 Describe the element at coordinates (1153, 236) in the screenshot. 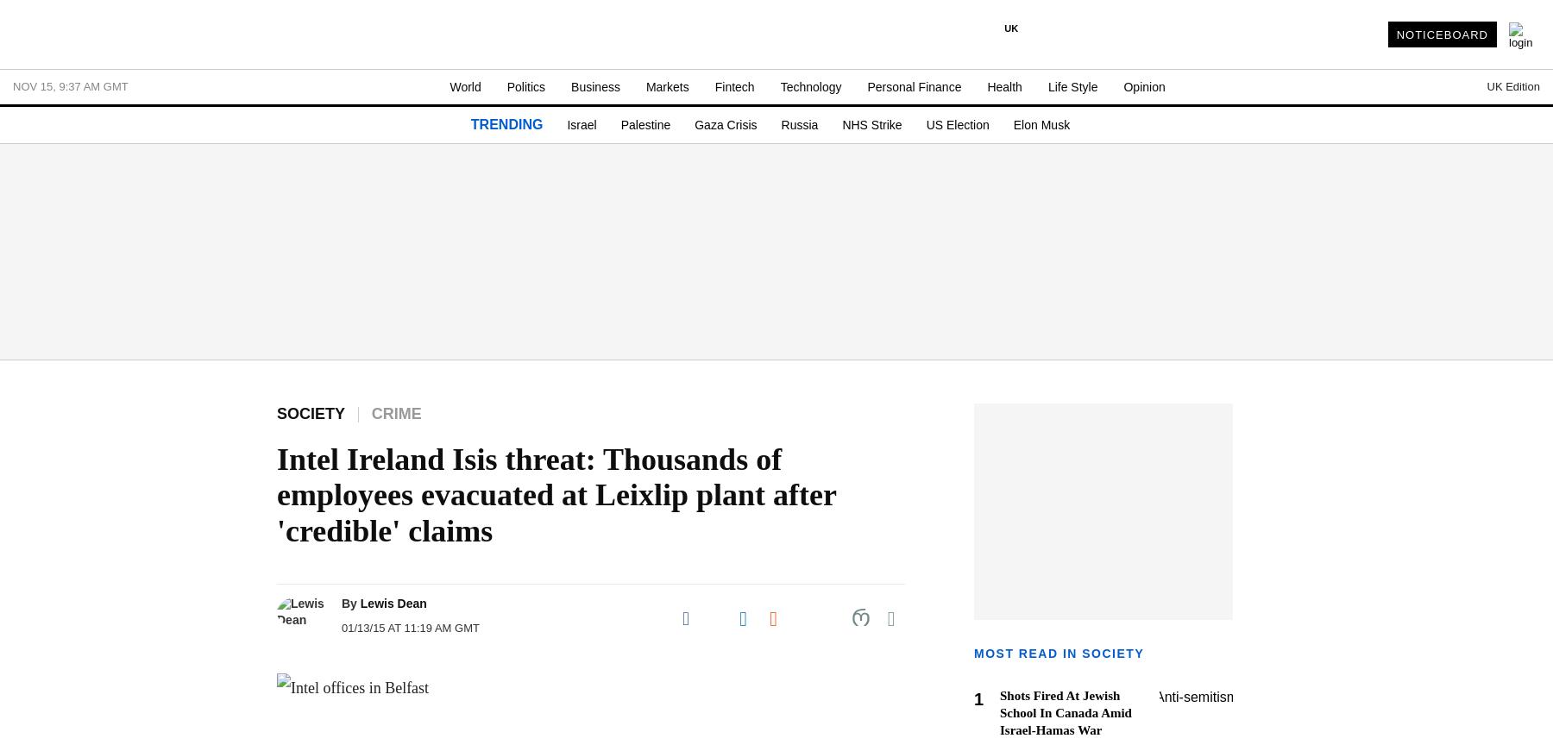

I see `'International Edition'` at that location.